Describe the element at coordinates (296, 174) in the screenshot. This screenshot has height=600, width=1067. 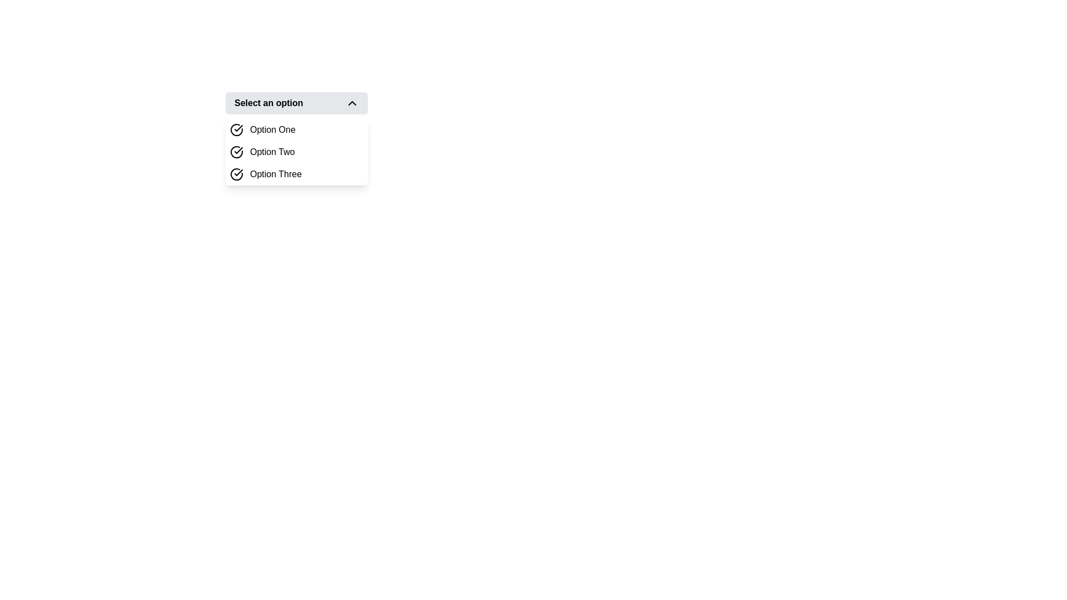
I see `to select the third item labeled 'Option Three' in the dropdown menu, which is located below the label 'Select an option'` at that location.